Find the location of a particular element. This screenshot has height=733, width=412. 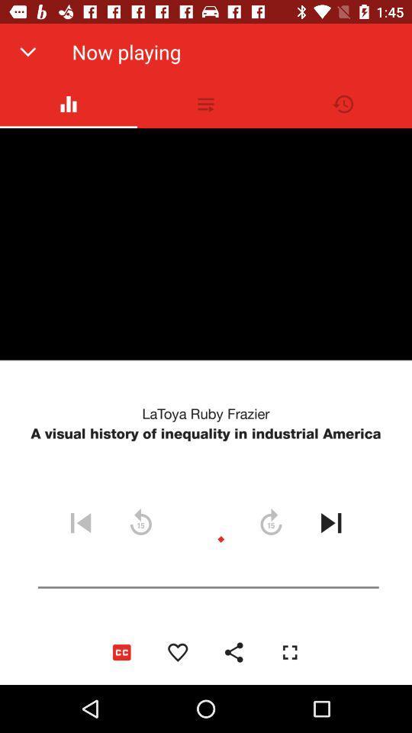

the skip_next icon is located at coordinates (330, 522).